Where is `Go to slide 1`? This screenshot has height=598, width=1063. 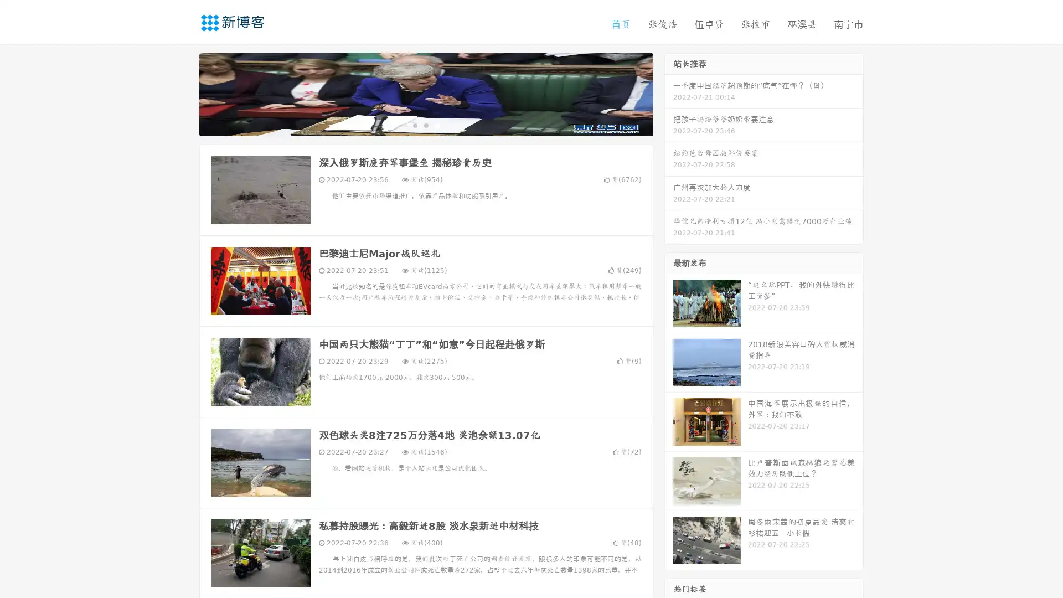 Go to slide 1 is located at coordinates (414, 125).